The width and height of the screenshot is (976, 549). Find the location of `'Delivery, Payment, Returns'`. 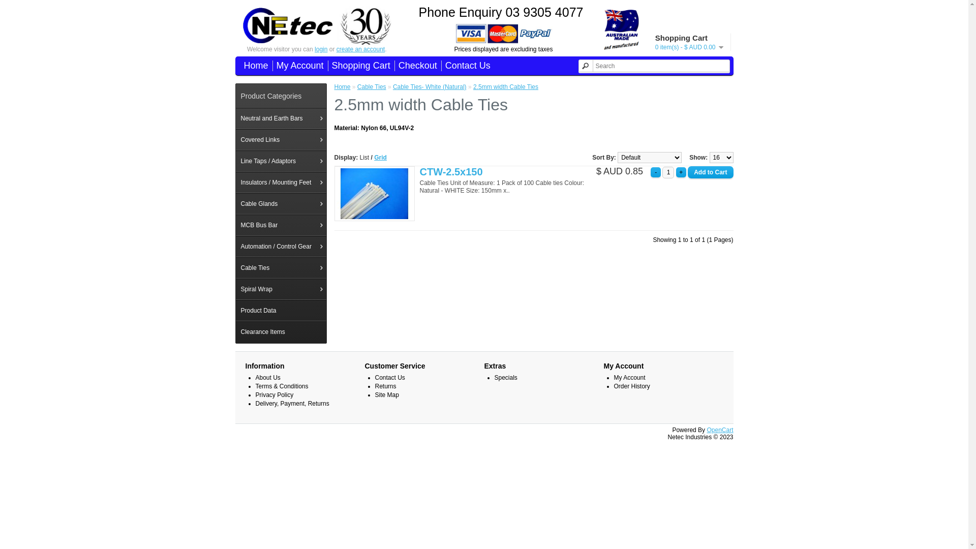

'Delivery, Payment, Returns' is located at coordinates (255, 403).